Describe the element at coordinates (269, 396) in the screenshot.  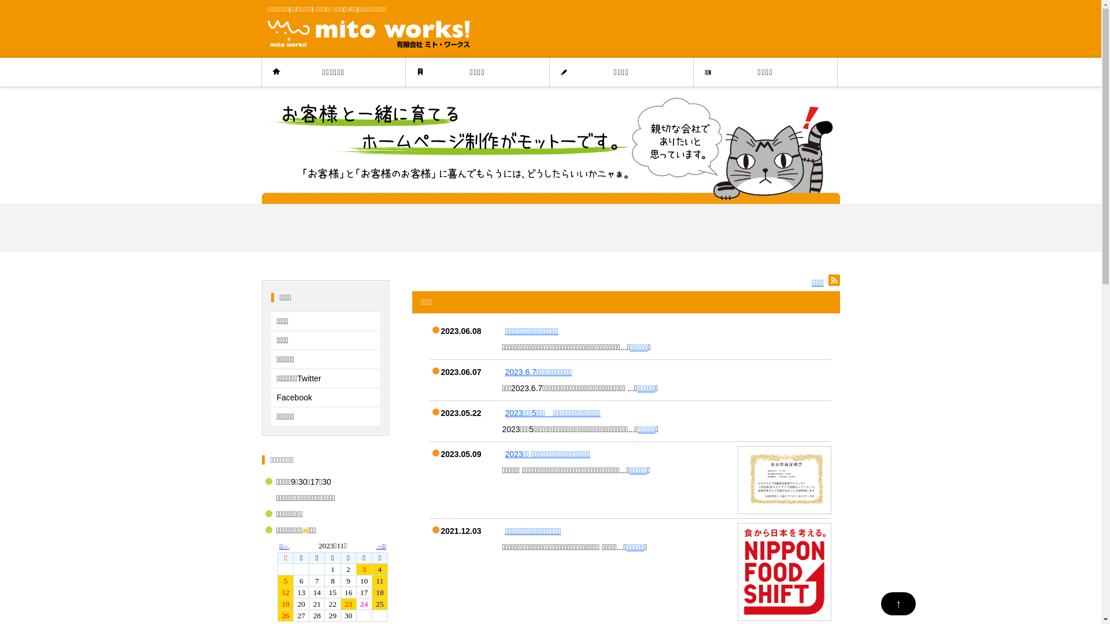
I see `'Facebook'` at that location.